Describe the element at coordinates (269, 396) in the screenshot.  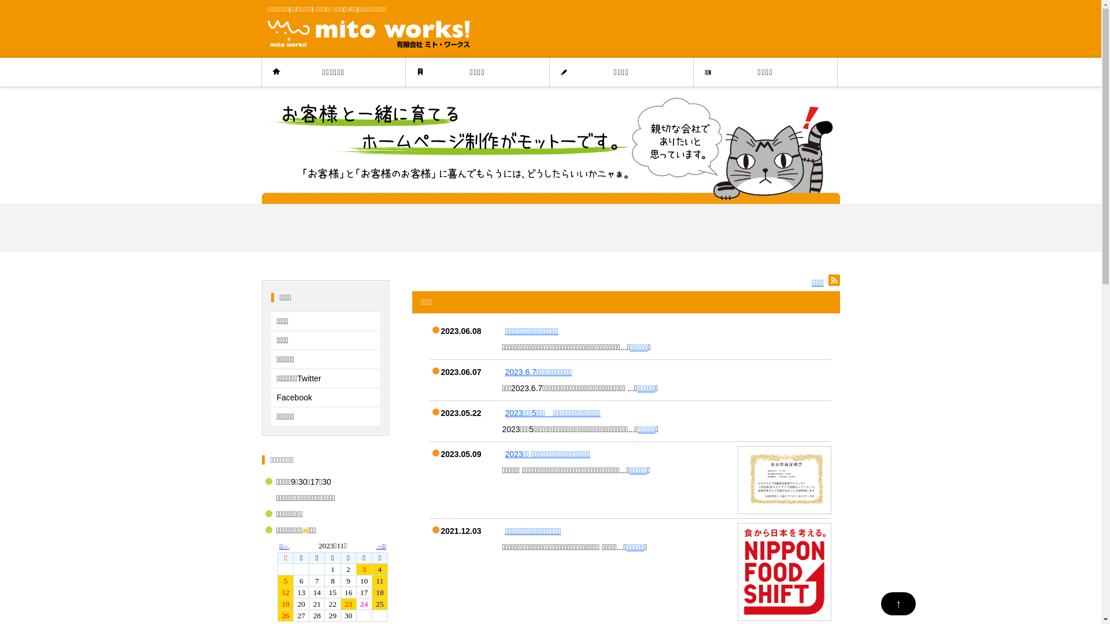
I see `'Facebook'` at that location.